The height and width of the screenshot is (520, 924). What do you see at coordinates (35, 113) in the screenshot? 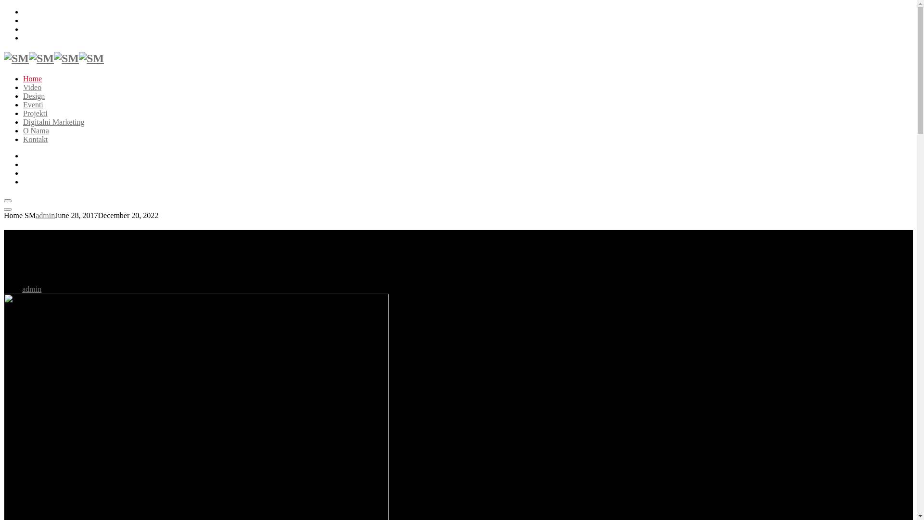
I see `'Projekti'` at bounding box center [35, 113].